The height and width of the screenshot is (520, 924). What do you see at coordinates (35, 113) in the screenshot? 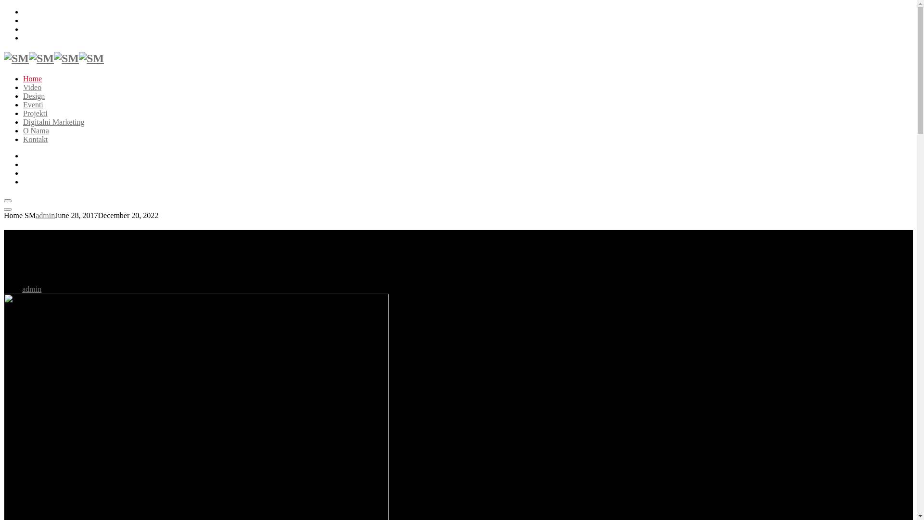
I see `'Projekti'` at bounding box center [35, 113].